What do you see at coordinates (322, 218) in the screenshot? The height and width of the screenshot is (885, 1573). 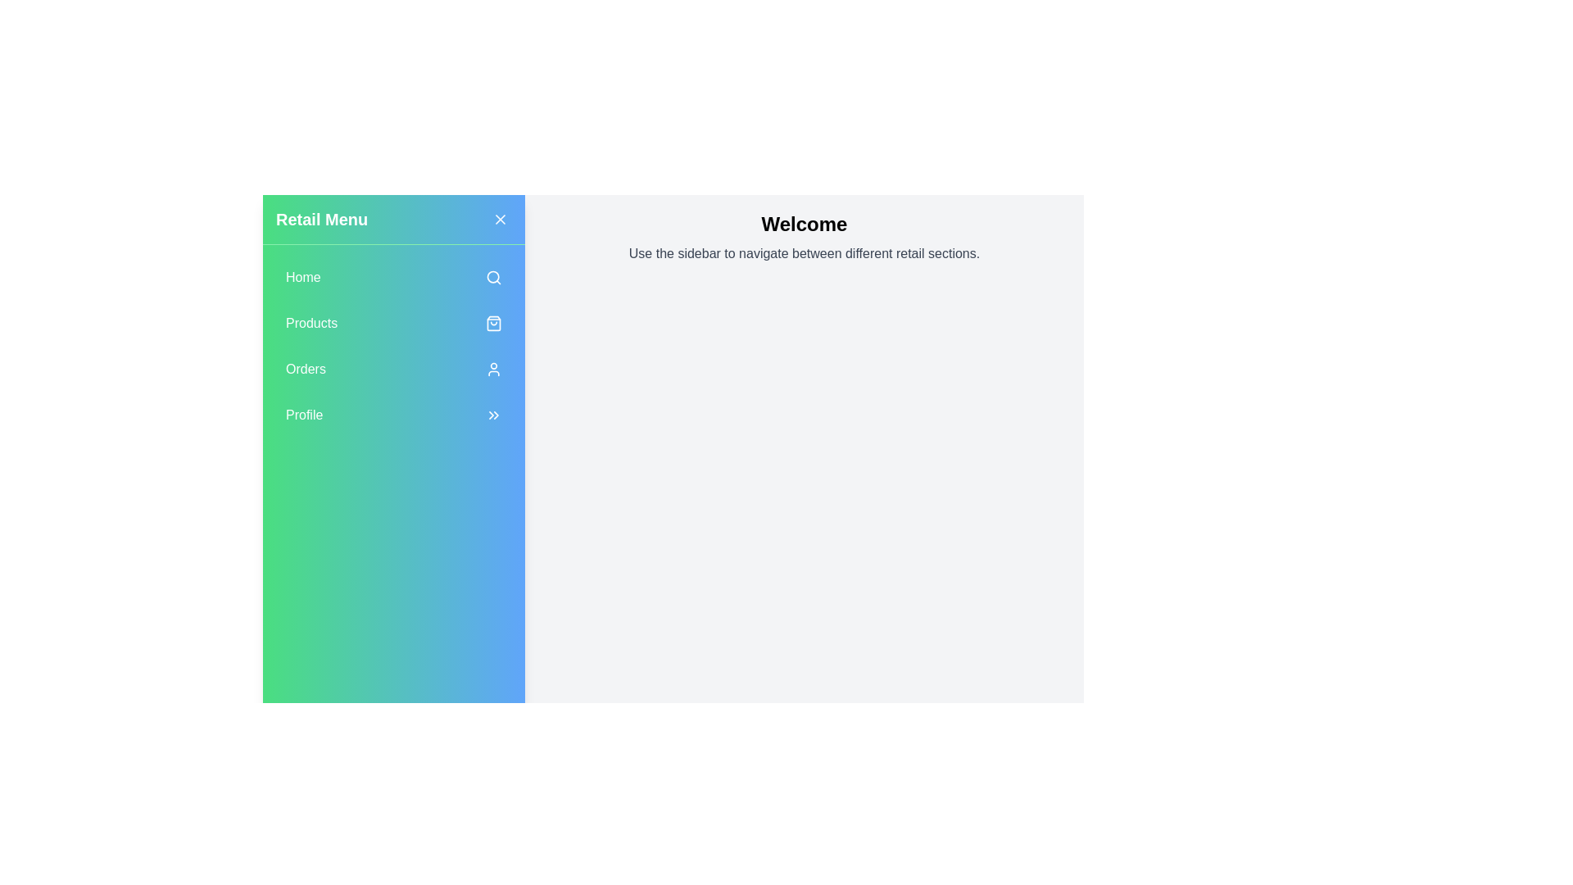 I see `the bold 'Retail Menu' text located at the upper-left section of the sidebar` at bounding box center [322, 218].